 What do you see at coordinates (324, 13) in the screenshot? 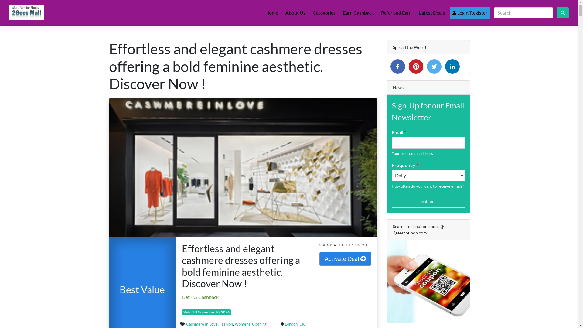
I see `'Categories'` at bounding box center [324, 13].